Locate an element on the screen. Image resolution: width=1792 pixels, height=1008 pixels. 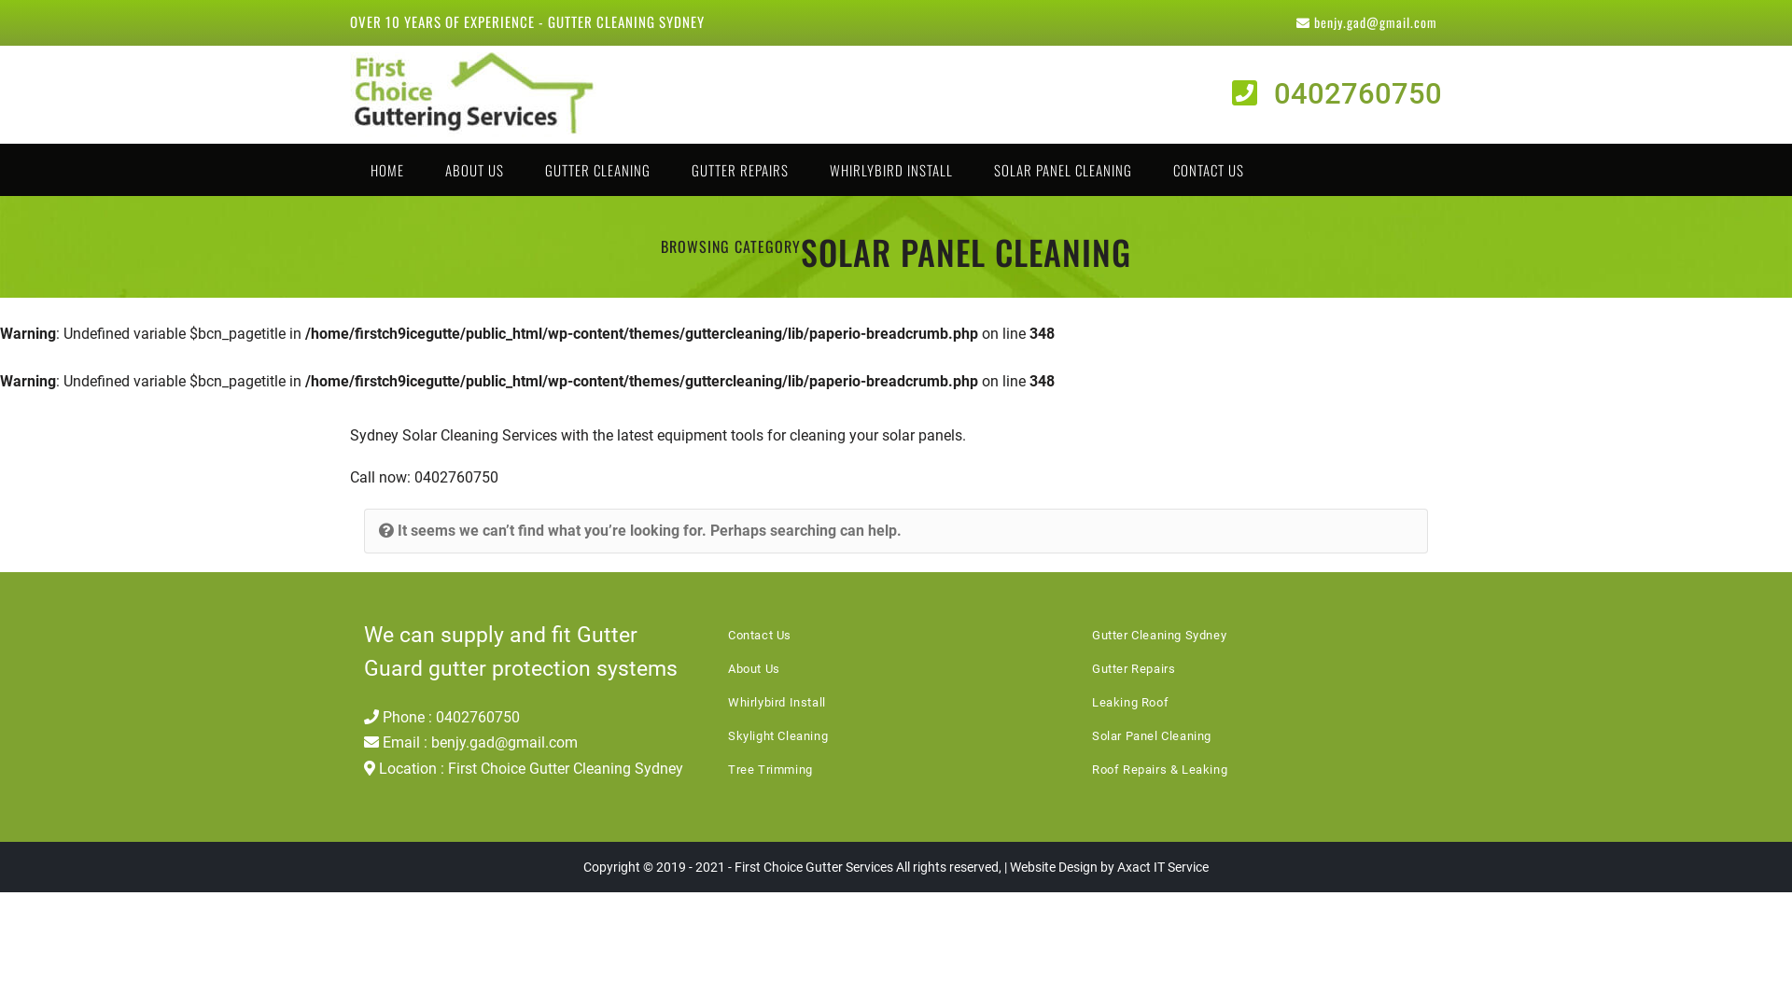
'Tree Trimming' is located at coordinates (726, 769).